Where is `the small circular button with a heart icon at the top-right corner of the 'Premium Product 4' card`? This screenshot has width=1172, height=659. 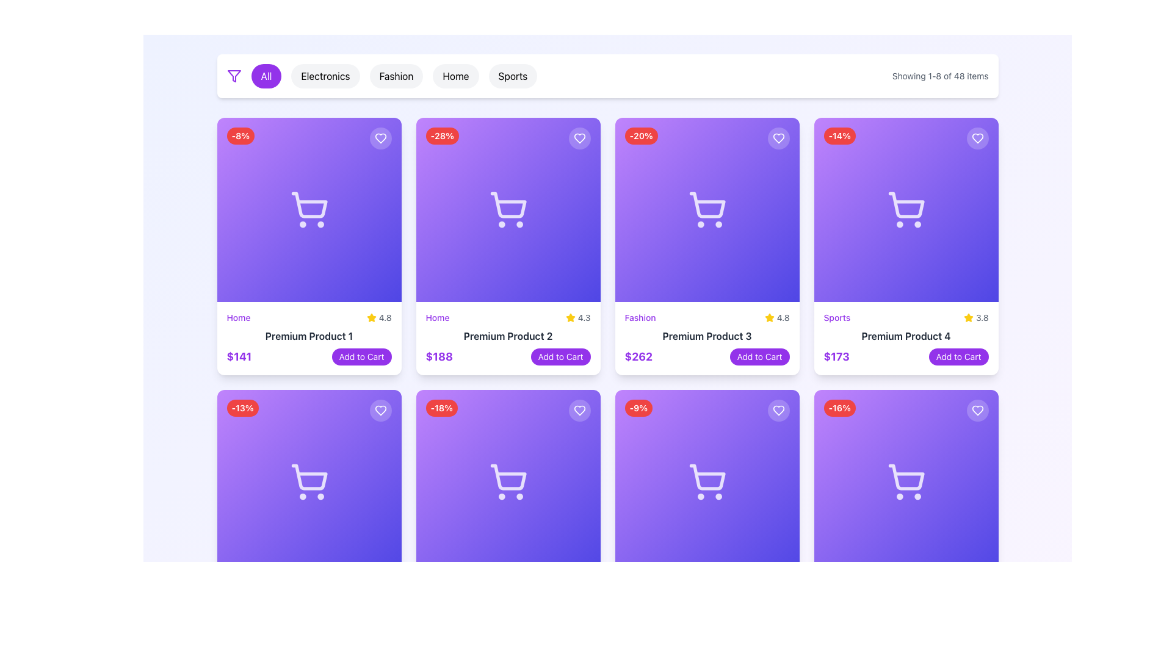
the small circular button with a heart icon at the top-right corner of the 'Premium Product 4' card is located at coordinates (977, 138).